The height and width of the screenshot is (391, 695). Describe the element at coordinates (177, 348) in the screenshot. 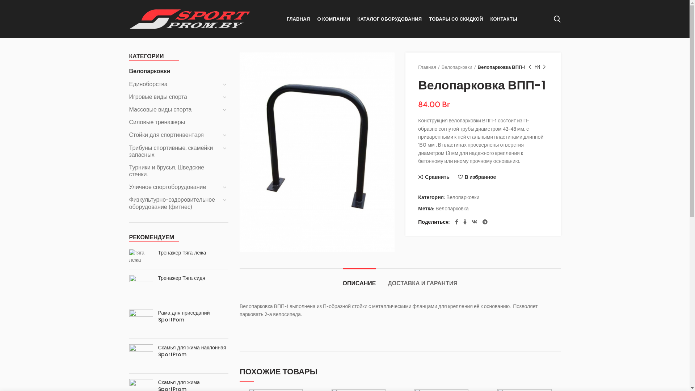

I see `'Telegram'` at that location.